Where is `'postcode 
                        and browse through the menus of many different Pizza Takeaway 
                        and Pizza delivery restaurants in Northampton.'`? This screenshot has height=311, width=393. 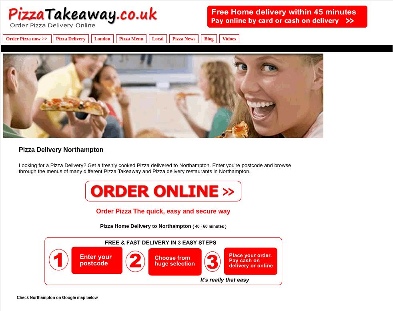 'postcode 
                        and browse through the menus of many different Pizza Takeaway 
                        and Pizza delivery restaurants in Northampton.' is located at coordinates (155, 167).